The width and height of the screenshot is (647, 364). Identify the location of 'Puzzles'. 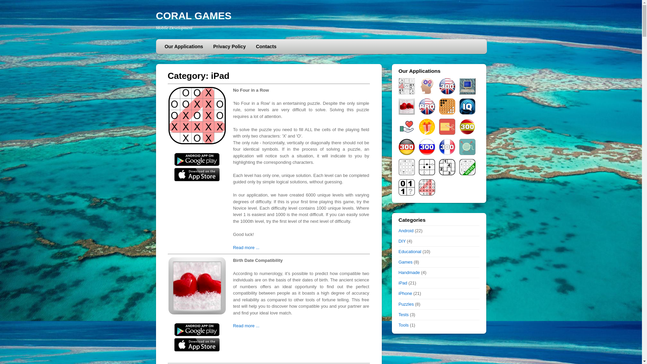
(405, 304).